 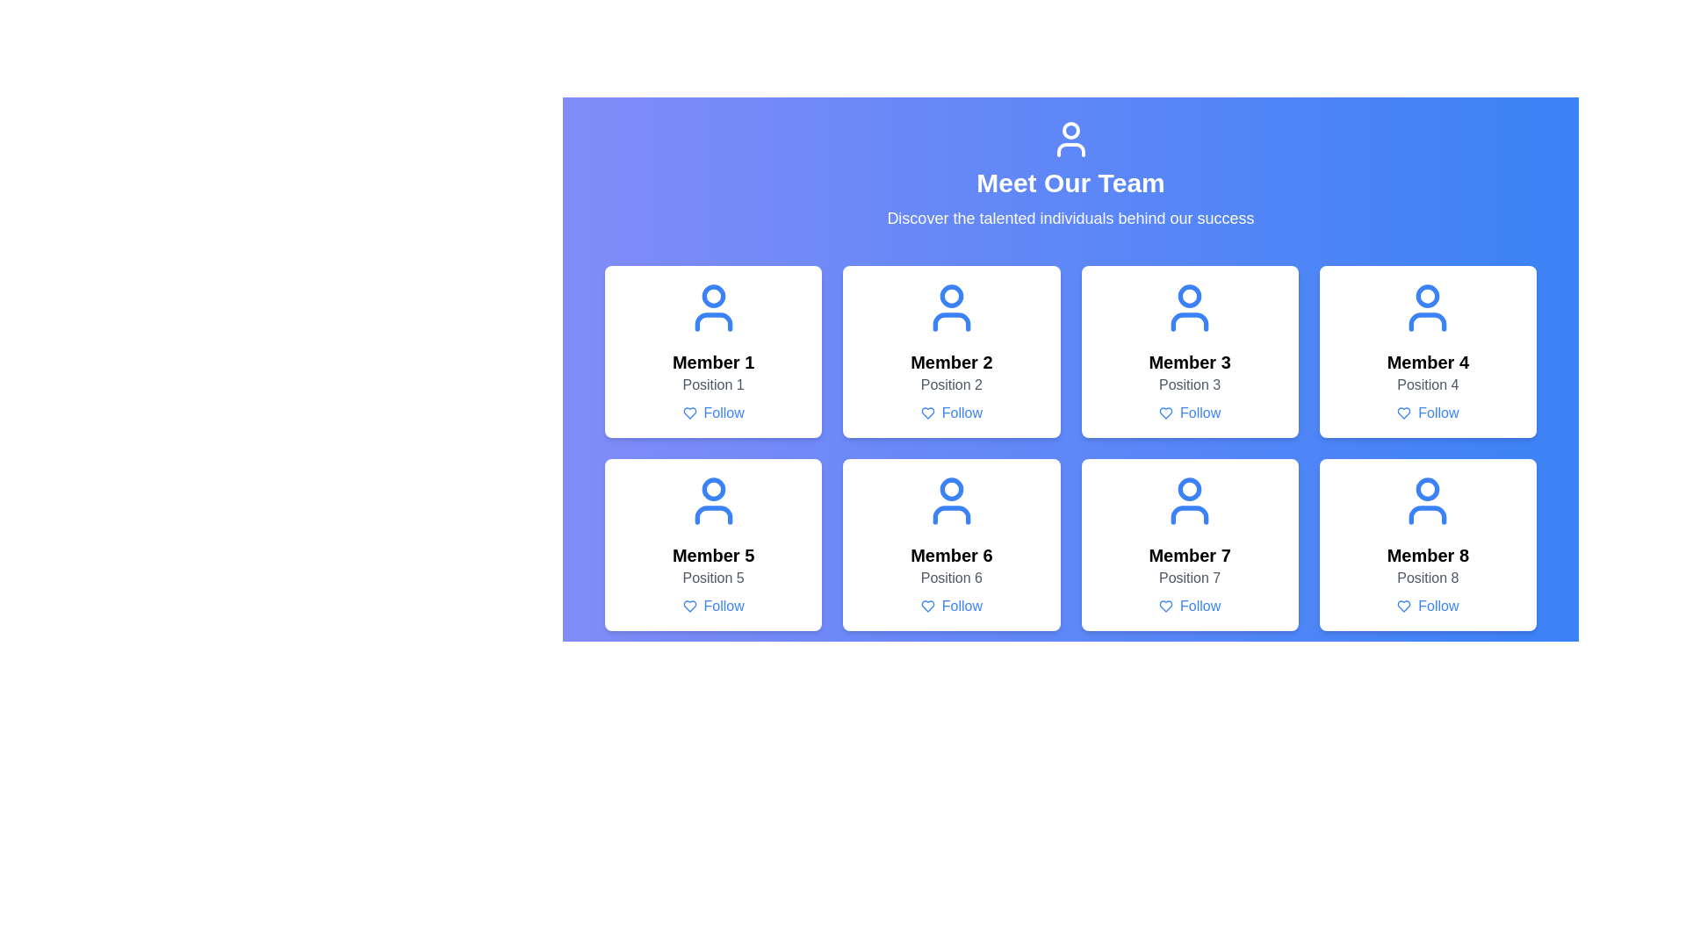 What do you see at coordinates (1190, 500) in the screenshot?
I see `the user profile icon located within the card labeled 'Member 7', positioned above the text 'Position 7' and 'Follow'` at bounding box center [1190, 500].